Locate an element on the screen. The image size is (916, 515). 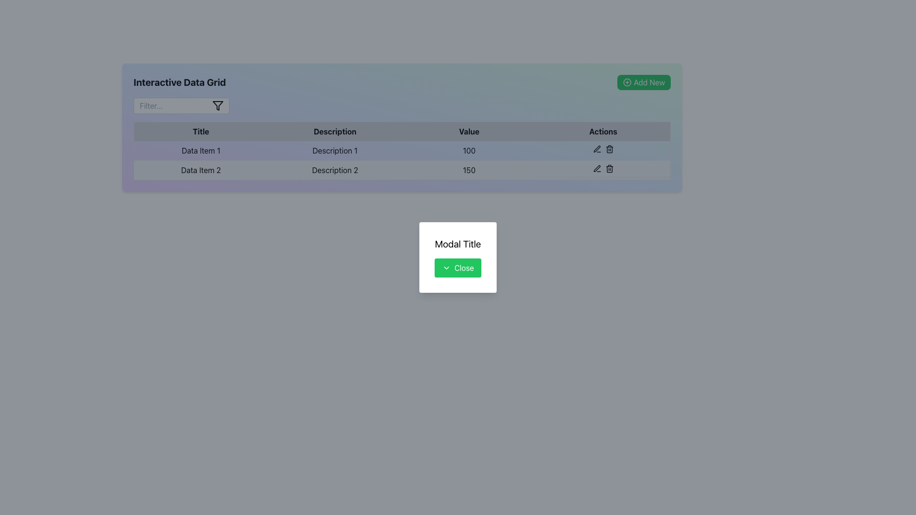
the text label displaying 'Description', which is located in the second column of a header row within a grid, positioned between the labels 'Title' and 'Value' is located at coordinates (335, 131).